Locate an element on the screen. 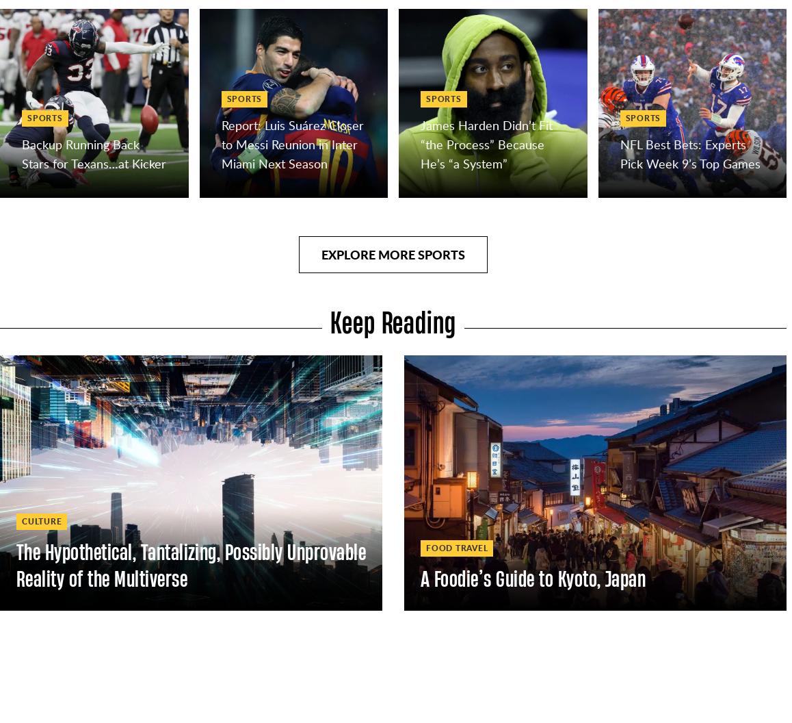 The height and width of the screenshot is (723, 792). 'Culture' is located at coordinates (21, 520).